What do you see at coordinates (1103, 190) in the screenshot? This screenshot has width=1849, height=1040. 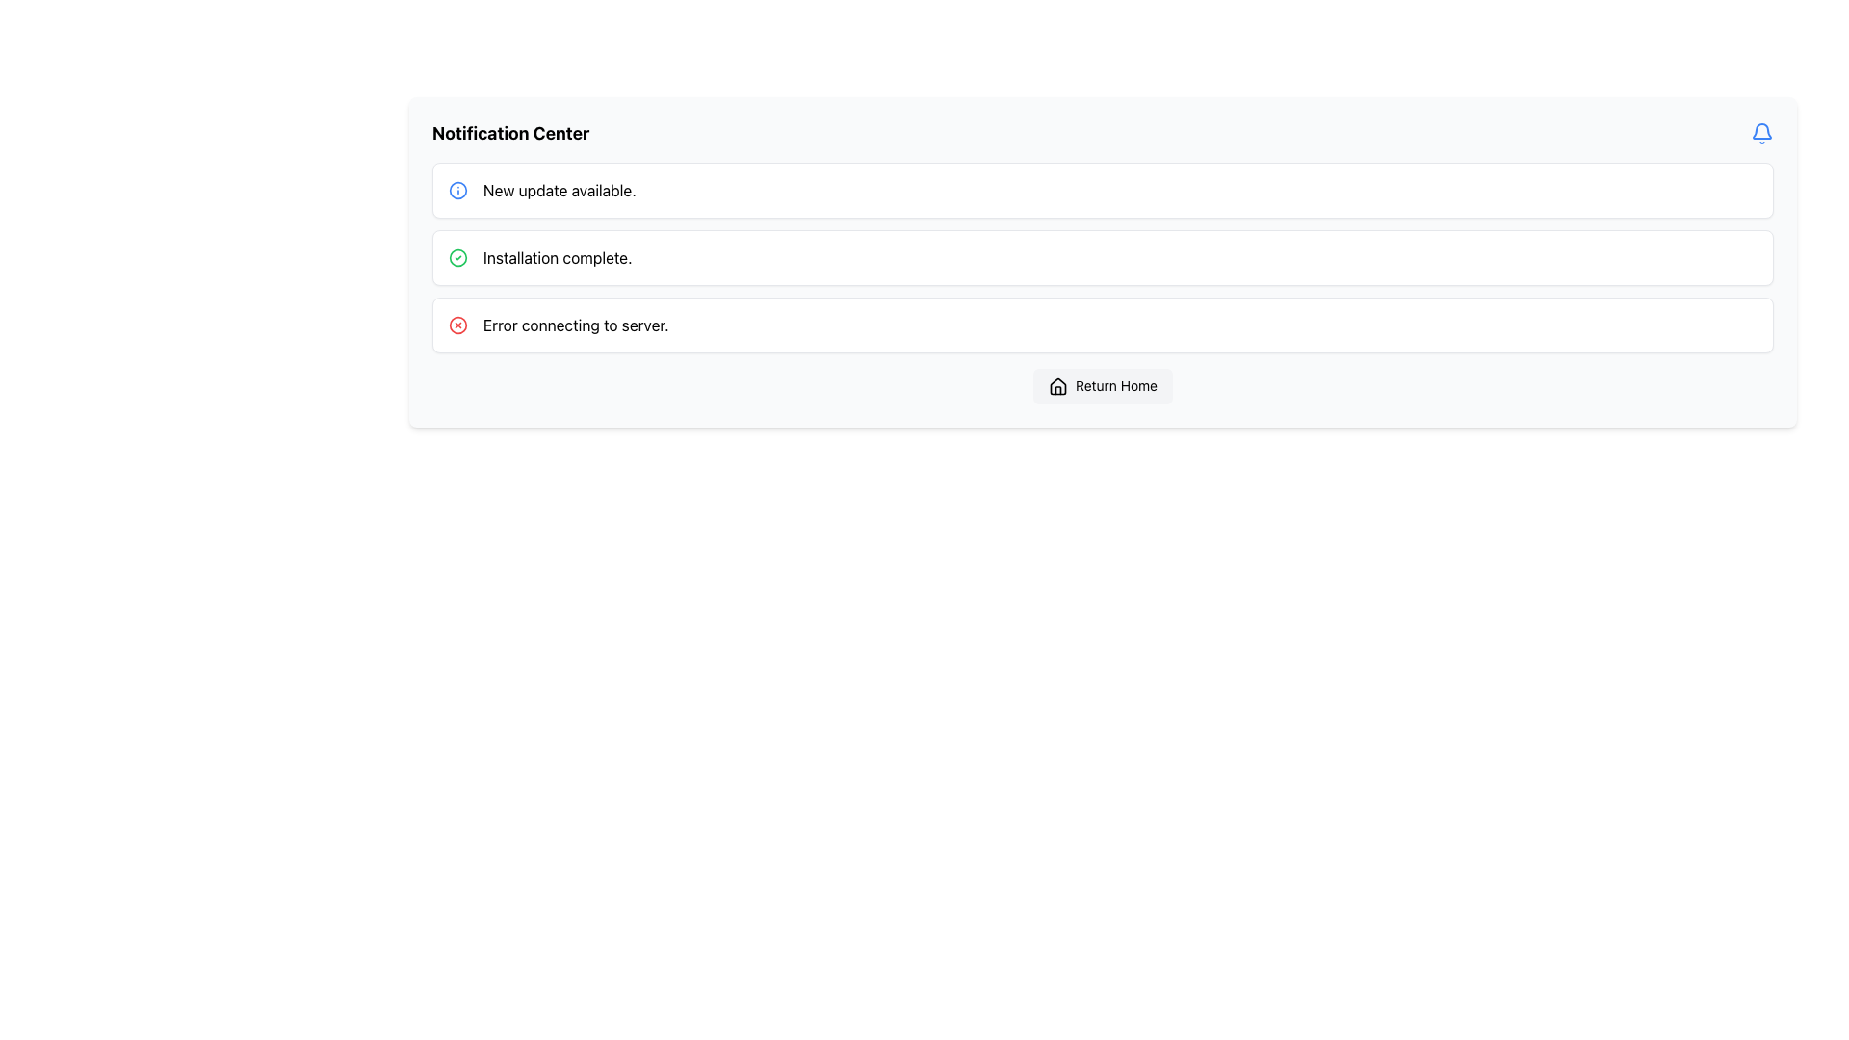 I see `the content of the first notification in the Notification Center, which displays 'New update available.'` at bounding box center [1103, 190].